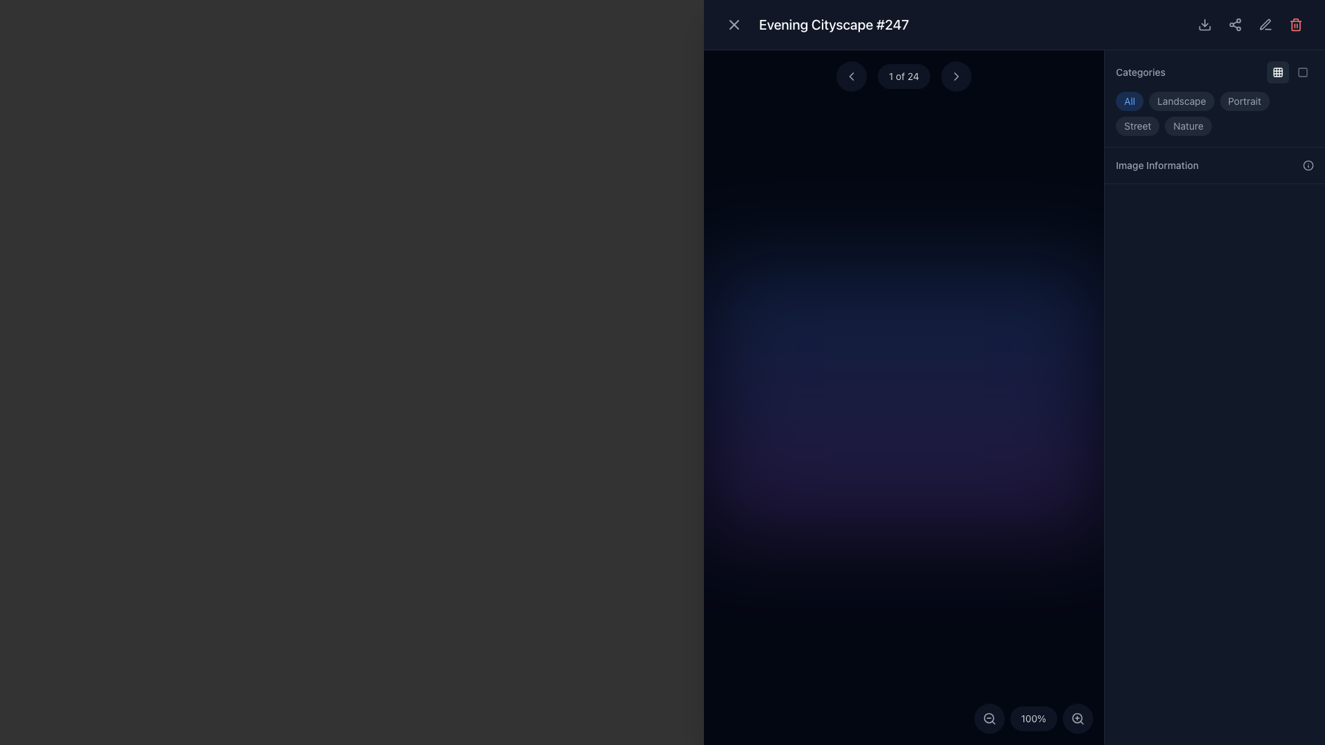 This screenshot has width=1325, height=745. What do you see at coordinates (1077, 717) in the screenshot?
I see `the zoom in button located in the bottom-right corner of the interface, which is the last among similar rounded buttons adjacent to a percentage display` at bounding box center [1077, 717].